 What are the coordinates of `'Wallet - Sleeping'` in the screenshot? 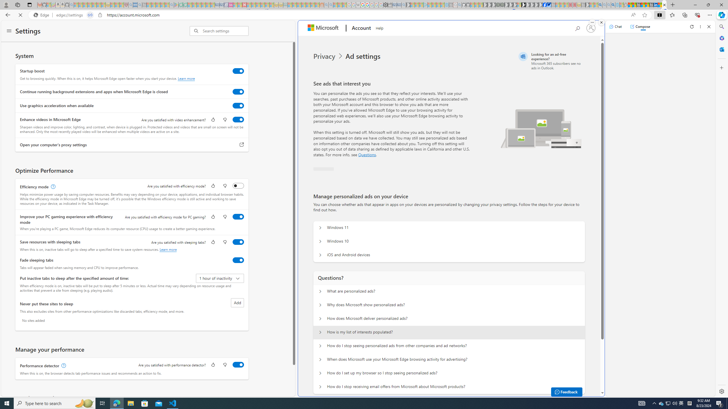 It's located at (389, 5).